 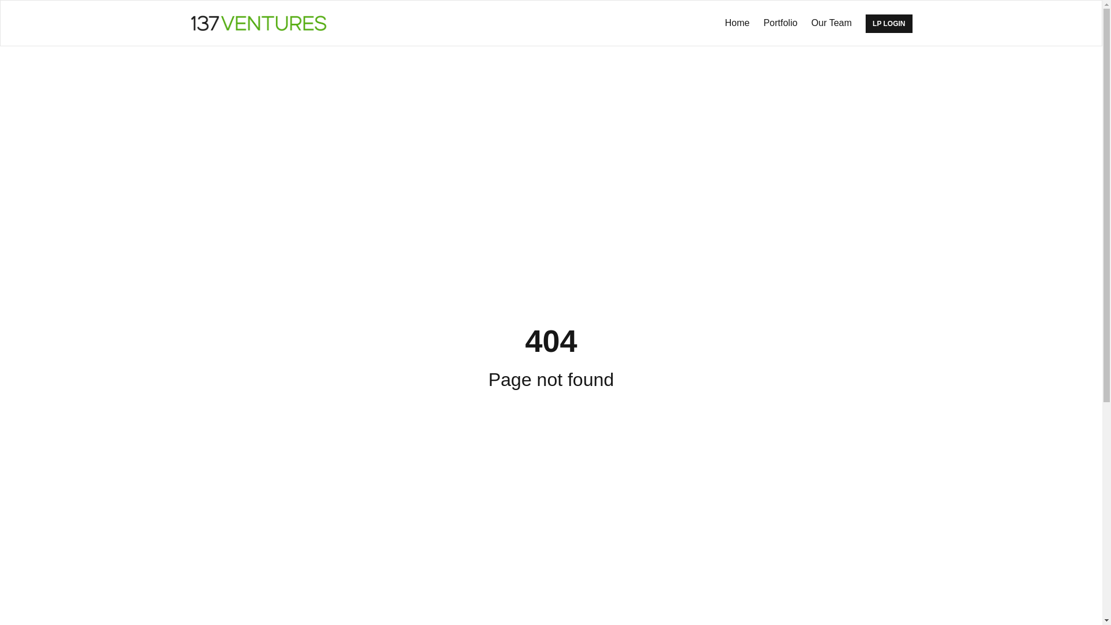 I want to click on 'Portfolio', so click(x=780, y=23).